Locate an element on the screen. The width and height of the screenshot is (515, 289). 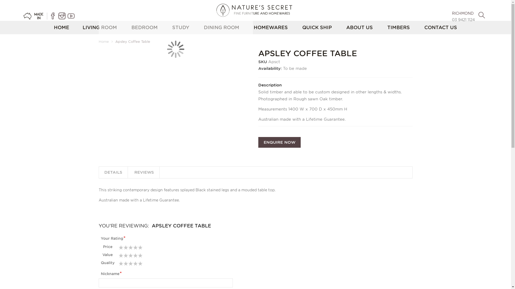
'BEDROOM' is located at coordinates (144, 28).